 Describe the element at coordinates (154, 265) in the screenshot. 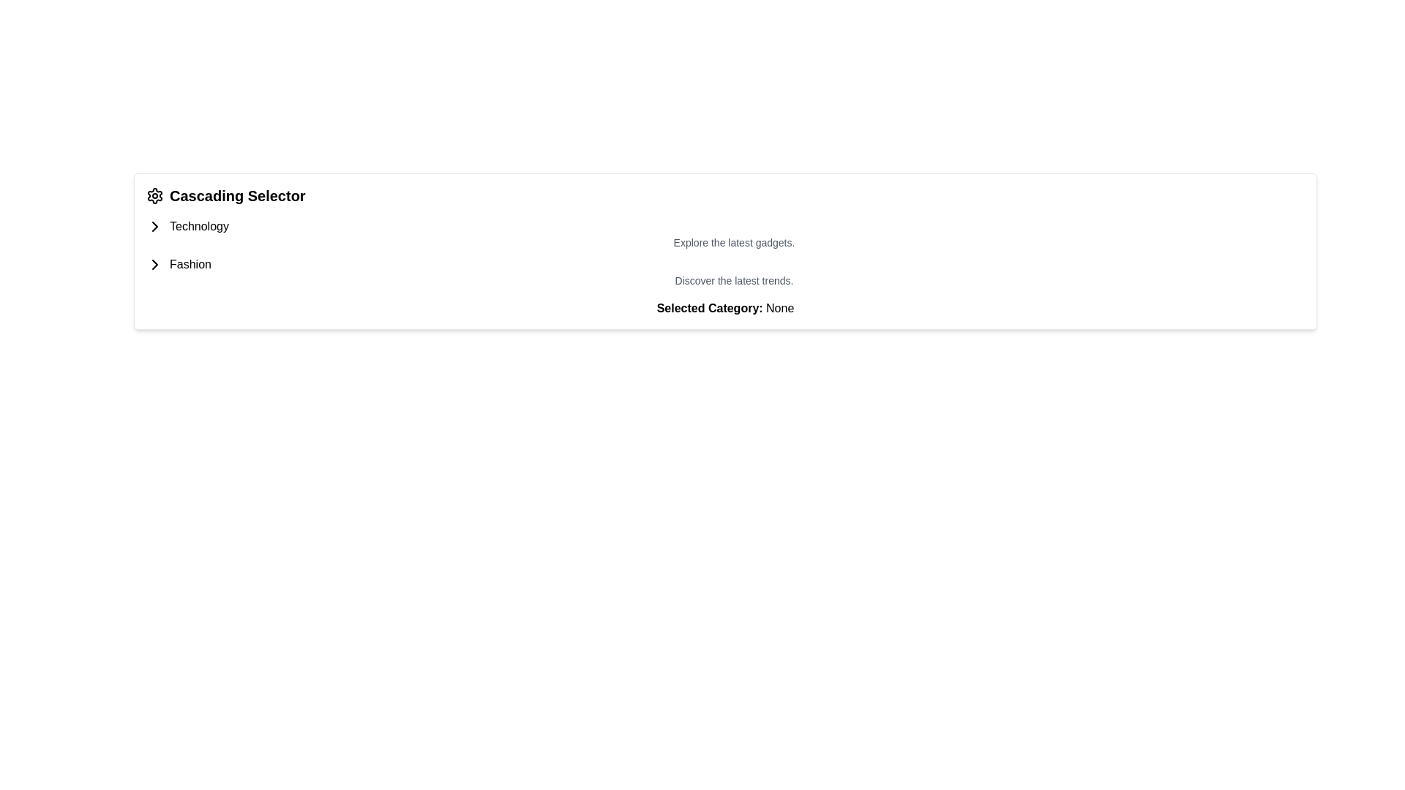

I see `the navigation icon associated with the 'Fashion' category` at that location.